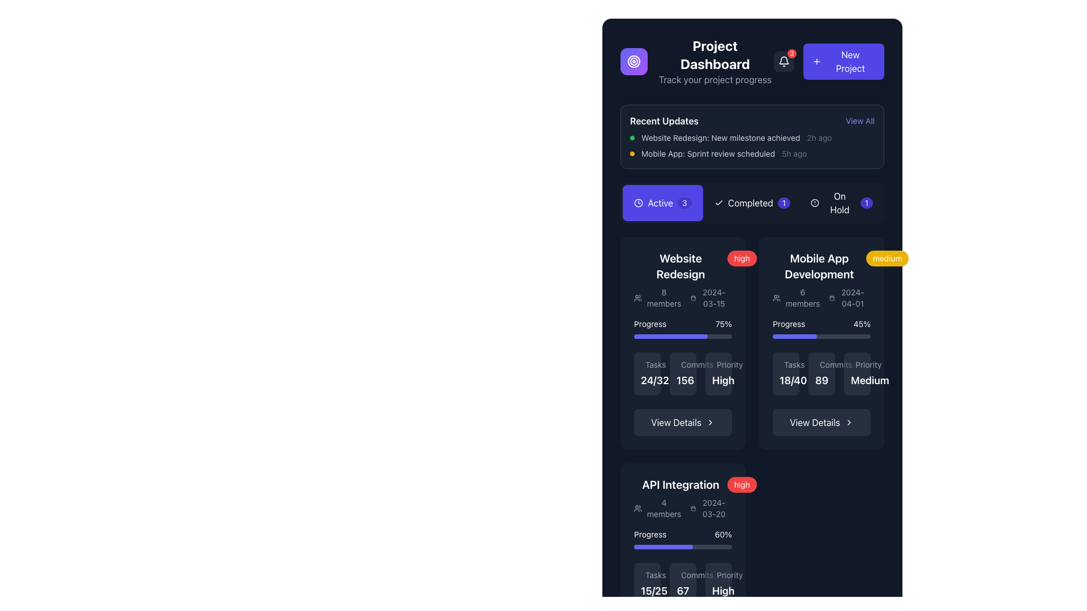 Image resolution: width=1087 pixels, height=611 pixels. Describe the element at coordinates (684, 380) in the screenshot. I see `the static text label that indicates the count of commits for the 'Website Redesign' project, located below the 'Commits' label and to the right of the 'Tasks' count display '24/32'` at that location.